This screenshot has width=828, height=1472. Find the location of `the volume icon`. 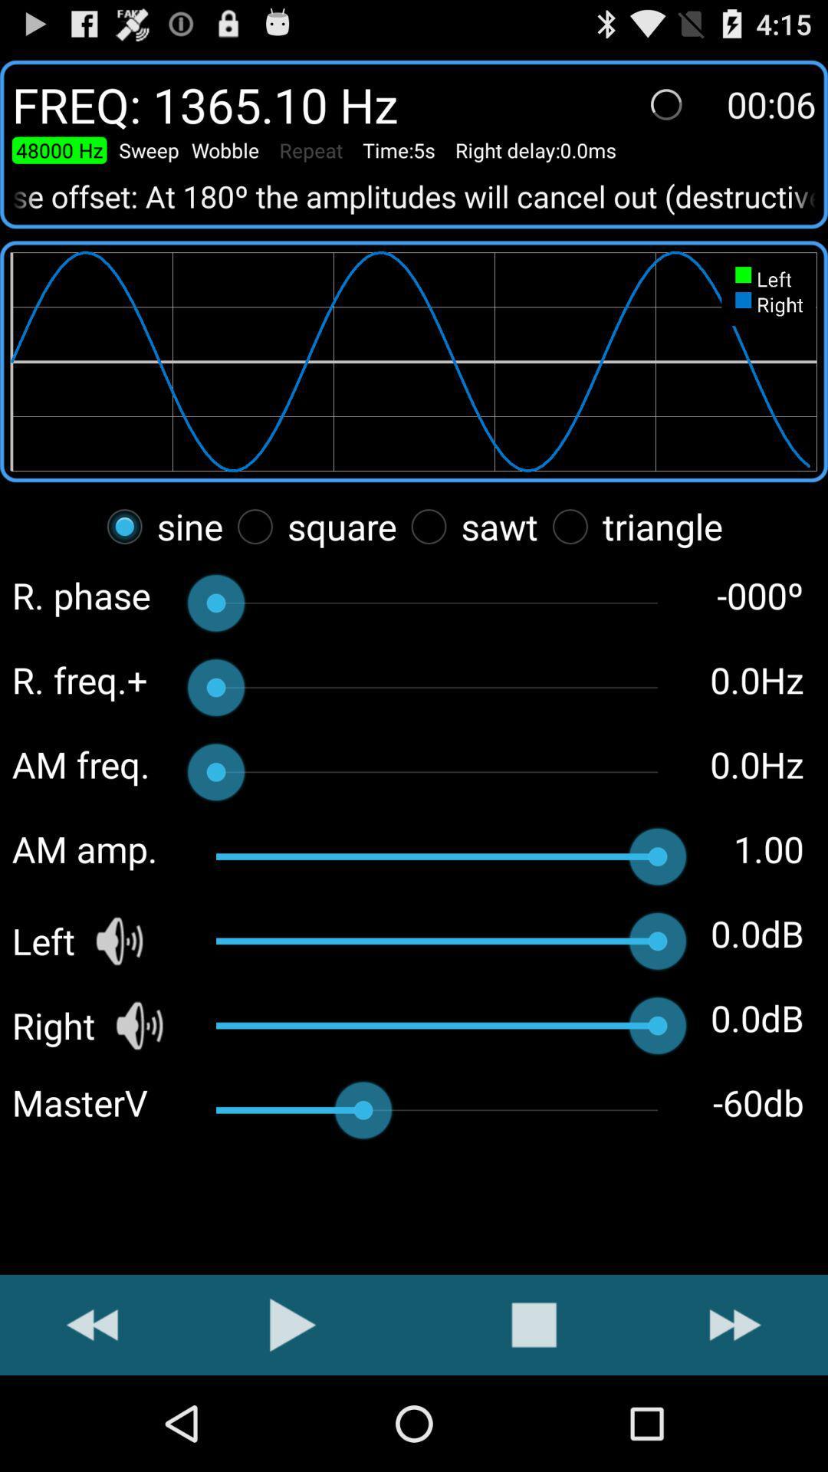

the volume icon is located at coordinates (118, 1007).